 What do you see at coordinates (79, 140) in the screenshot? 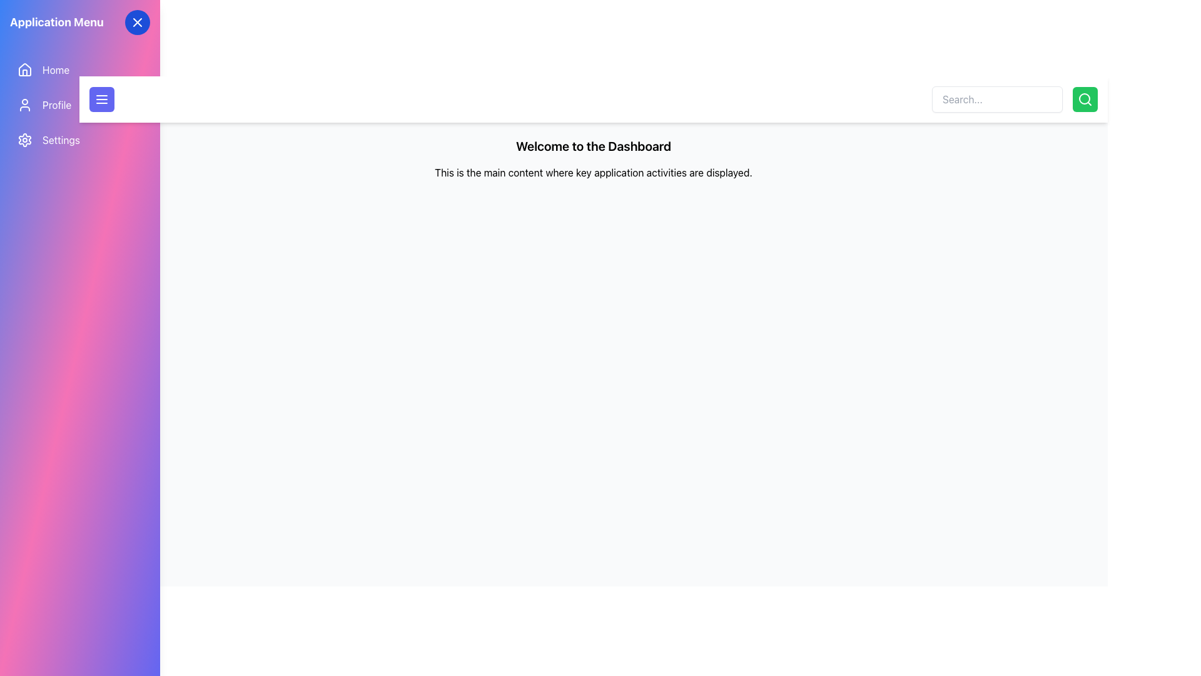
I see `the settings button in the left sidebar menu, which is the third item below the 'Profile' button, to observe the visual hover effect` at bounding box center [79, 140].